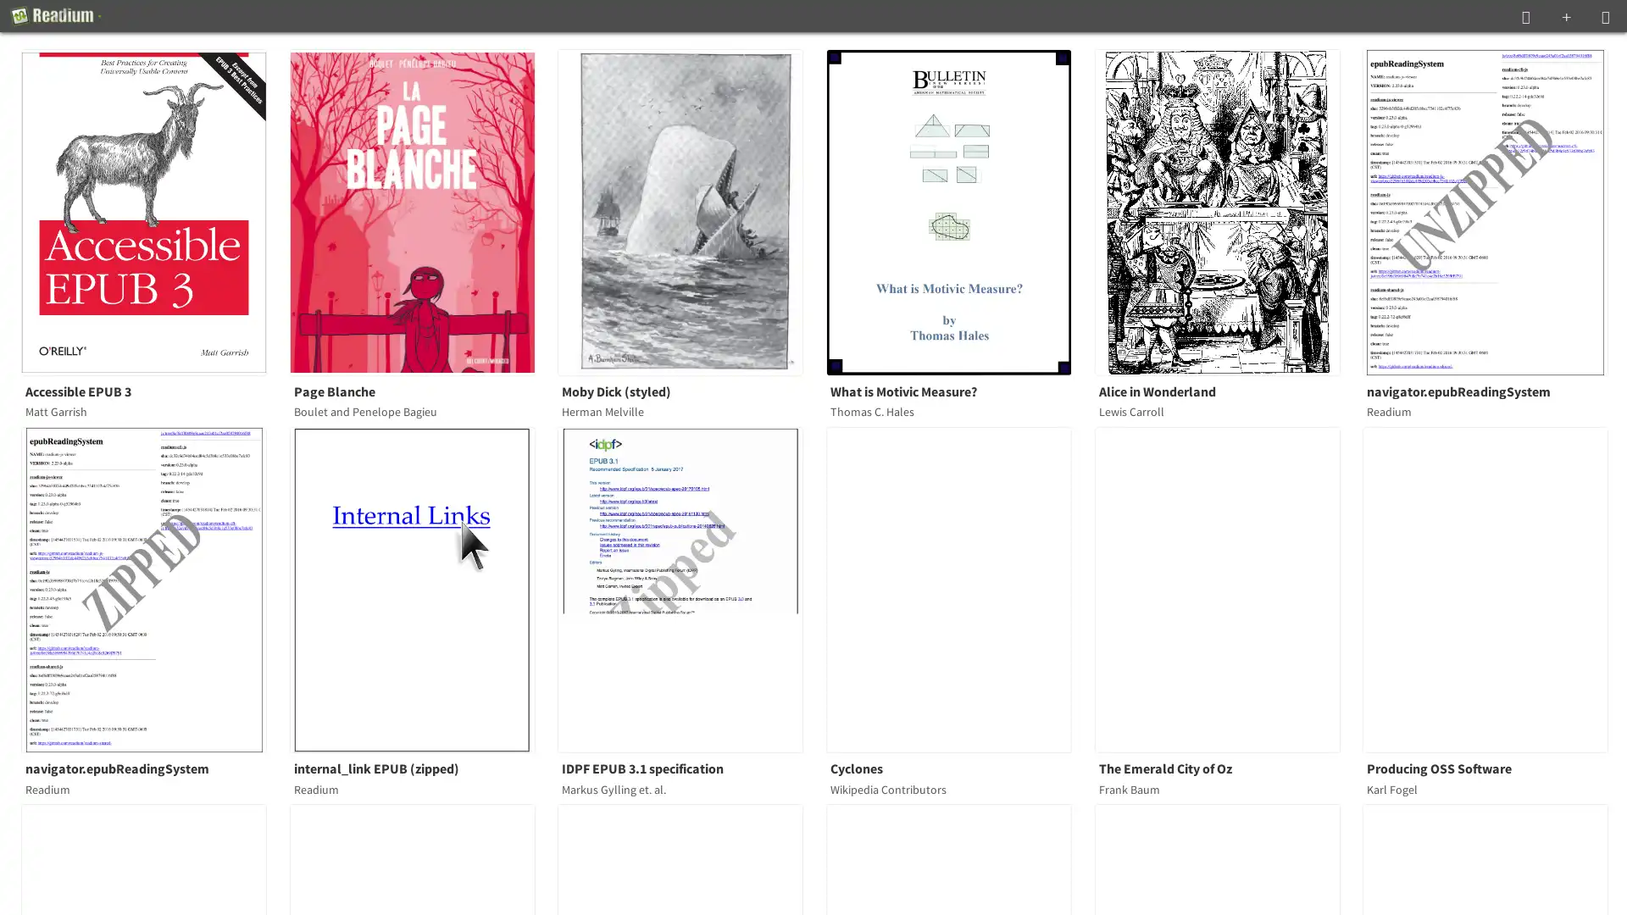 This screenshot has height=915, width=1627. Describe the element at coordinates (154, 588) in the screenshot. I see `(7) navigator.epubReadingSystem` at that location.